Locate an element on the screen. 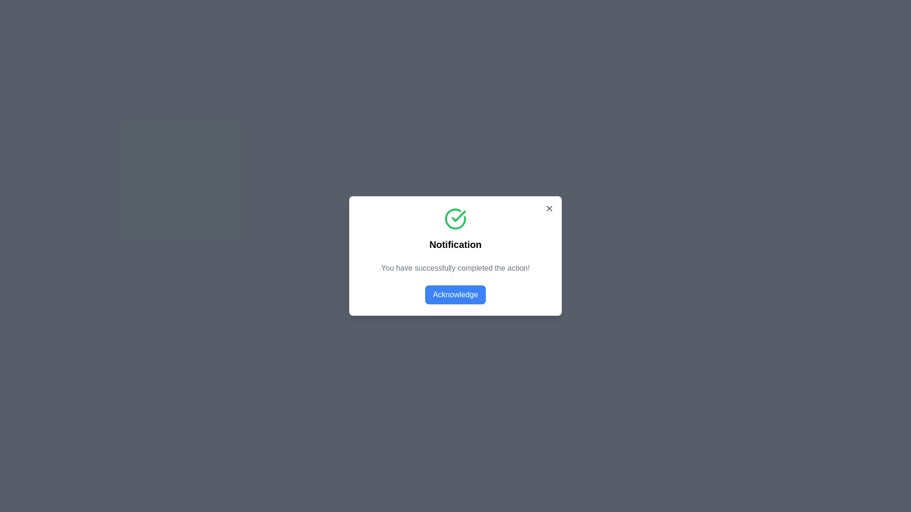  the success completion icon that is centrally positioned above the 'Notification' title within the dialog box is located at coordinates (455, 219).